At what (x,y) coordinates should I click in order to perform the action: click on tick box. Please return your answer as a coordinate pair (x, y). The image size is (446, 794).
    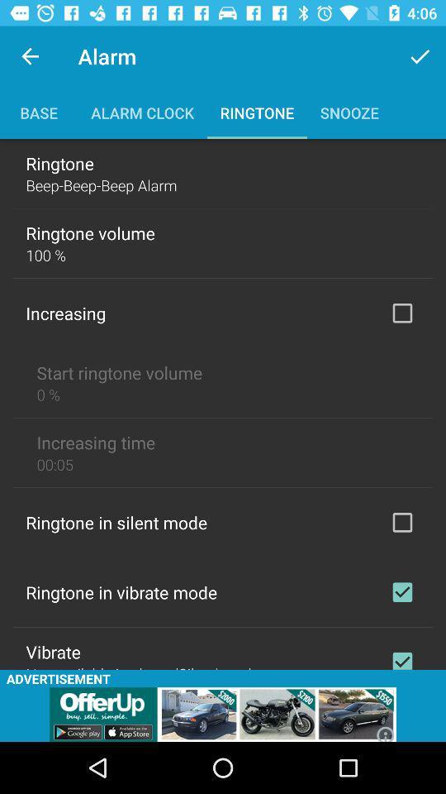
    Looking at the image, I should click on (401, 521).